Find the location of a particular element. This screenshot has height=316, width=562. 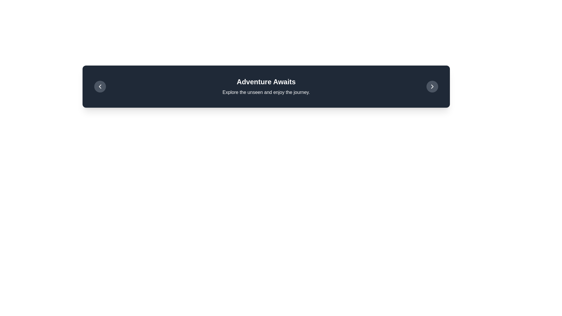

the central text element displaying 'Adventure Awaits' and its subtext, if it is linked is located at coordinates (266, 87).